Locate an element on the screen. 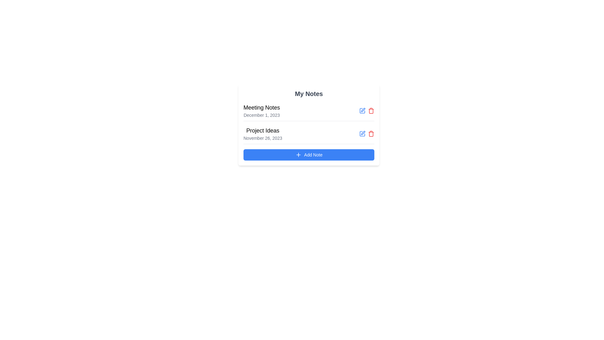 Image resolution: width=604 pixels, height=340 pixels. the red trash bin icon in the Icon group containing action buttons is located at coordinates (367, 133).